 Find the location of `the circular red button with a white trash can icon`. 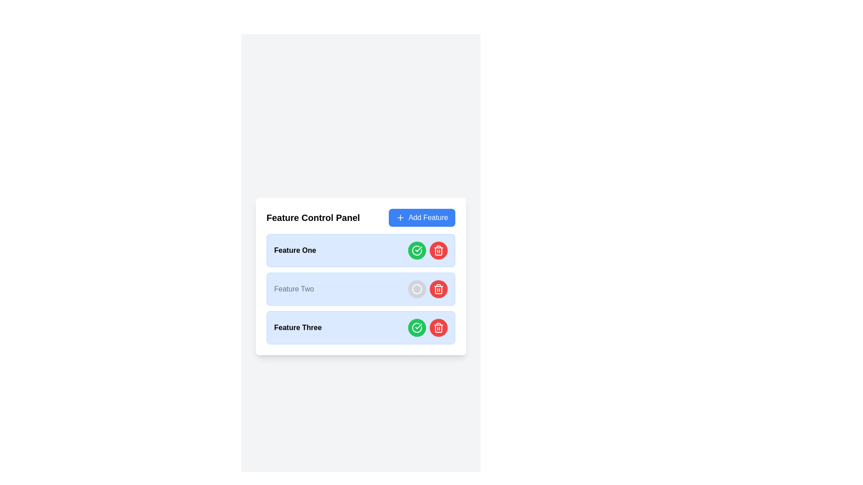

the circular red button with a white trash can icon is located at coordinates (438, 327).